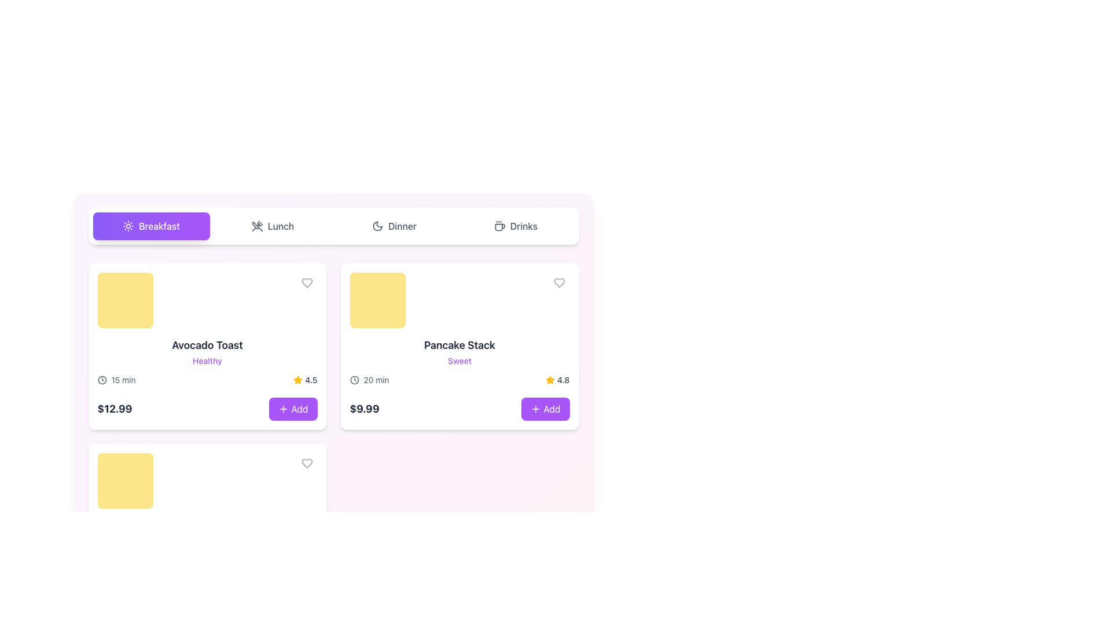  What do you see at coordinates (123, 380) in the screenshot?
I see `the text label displaying '15 min', which is styled in gray and indicates time-related information for 'Avocado Toast'` at bounding box center [123, 380].